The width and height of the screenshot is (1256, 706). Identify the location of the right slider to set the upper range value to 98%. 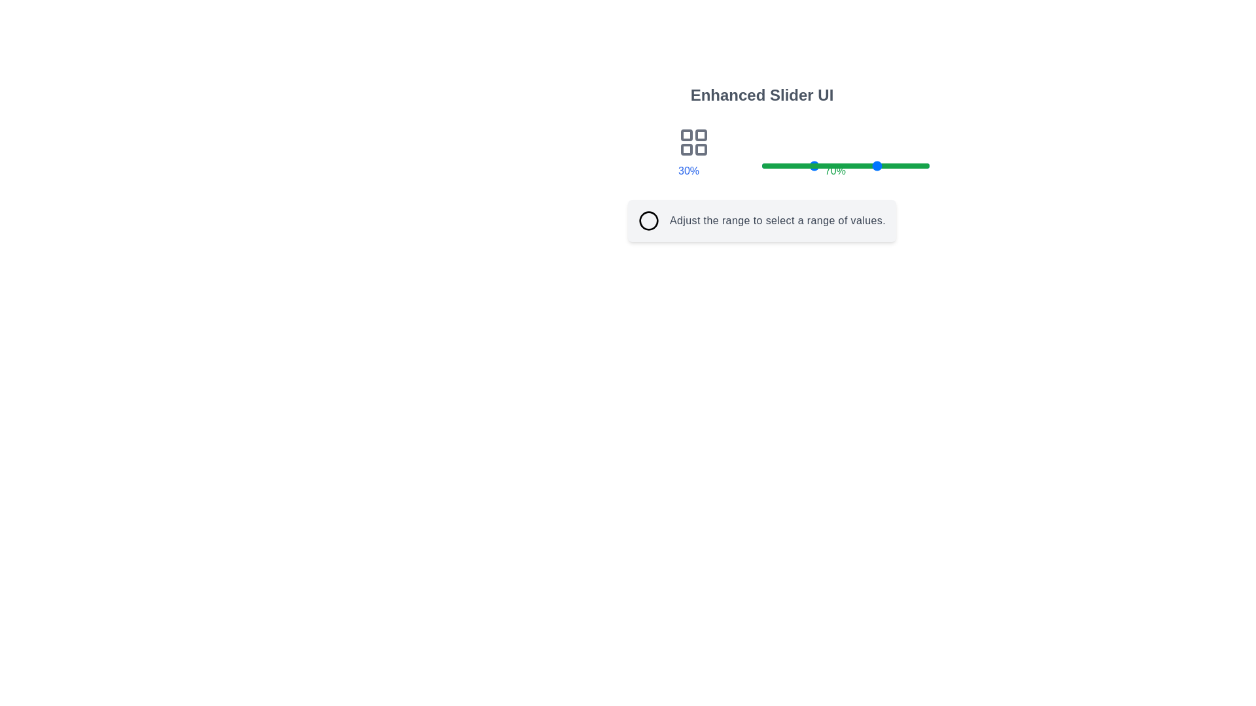
(925, 165).